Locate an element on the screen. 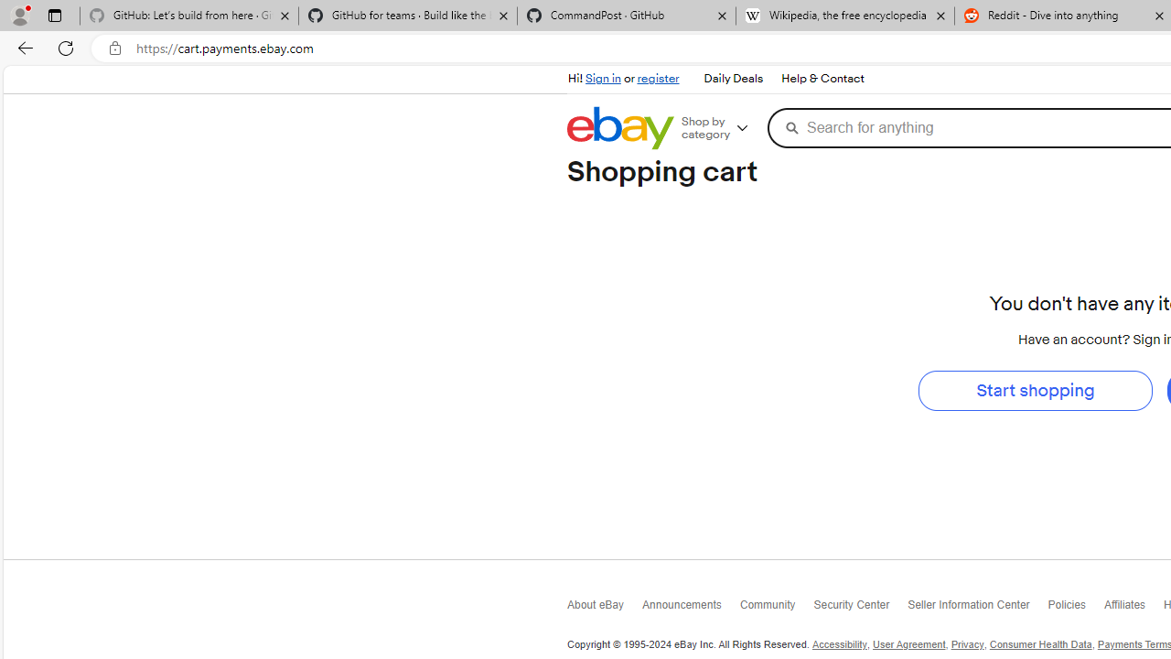 This screenshot has height=659, width=1171. 'Community' is located at coordinates (776, 608).